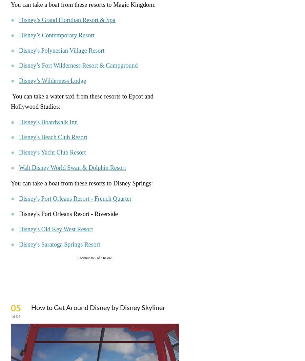  Describe the element at coordinates (52, 152) in the screenshot. I see `'Disney's Yacht Club Resort'` at that location.